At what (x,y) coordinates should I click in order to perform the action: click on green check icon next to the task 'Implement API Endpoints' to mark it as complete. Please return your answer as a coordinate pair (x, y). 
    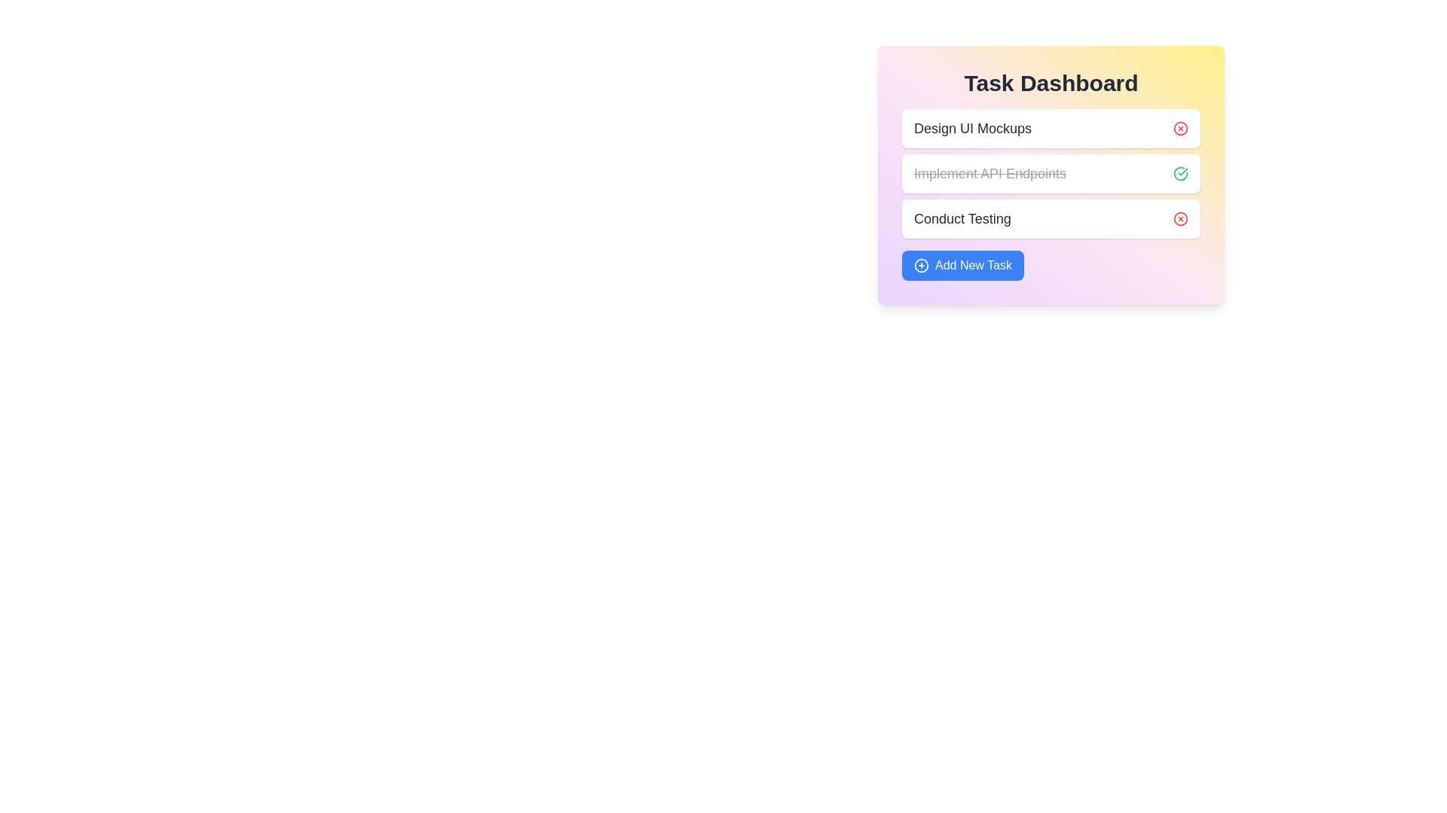
    Looking at the image, I should click on (1179, 173).